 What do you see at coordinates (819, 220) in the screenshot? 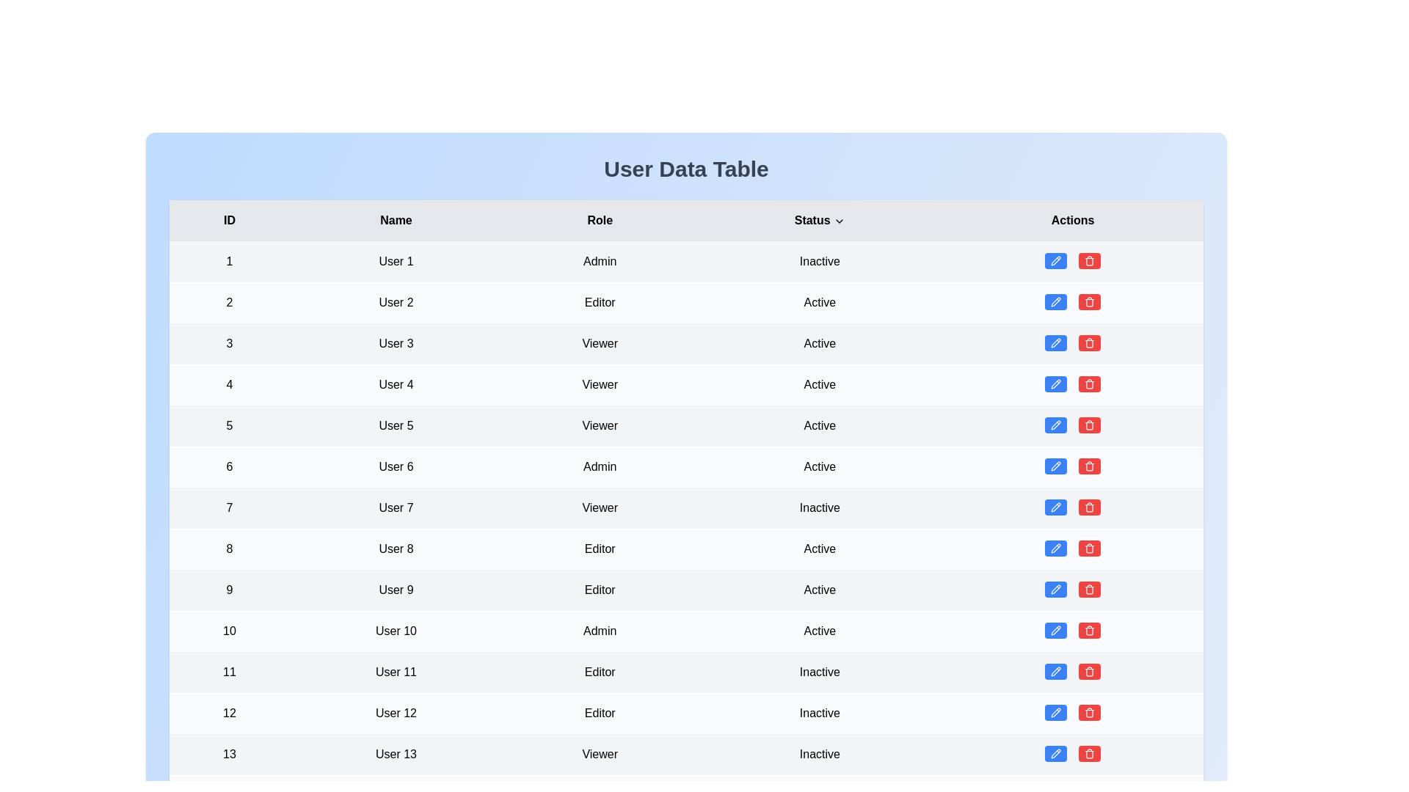
I see `the 'Status' column header to sort the table` at bounding box center [819, 220].